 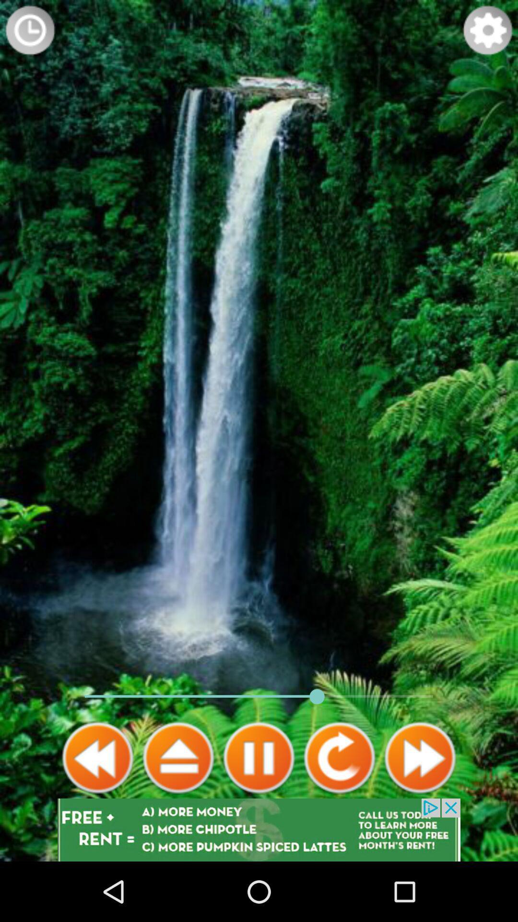 I want to click on next, so click(x=419, y=757).